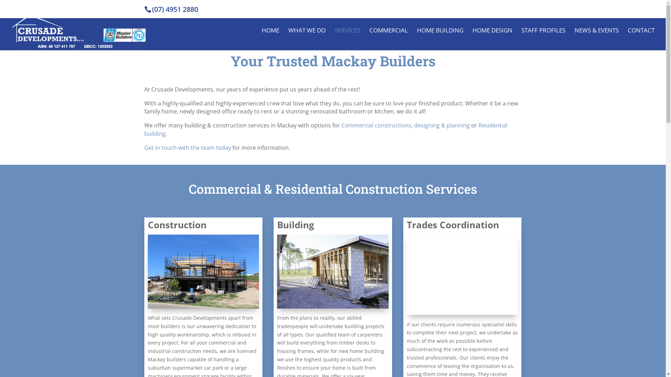  Describe the element at coordinates (341, 125) in the screenshot. I see `'Commercial constructions'` at that location.